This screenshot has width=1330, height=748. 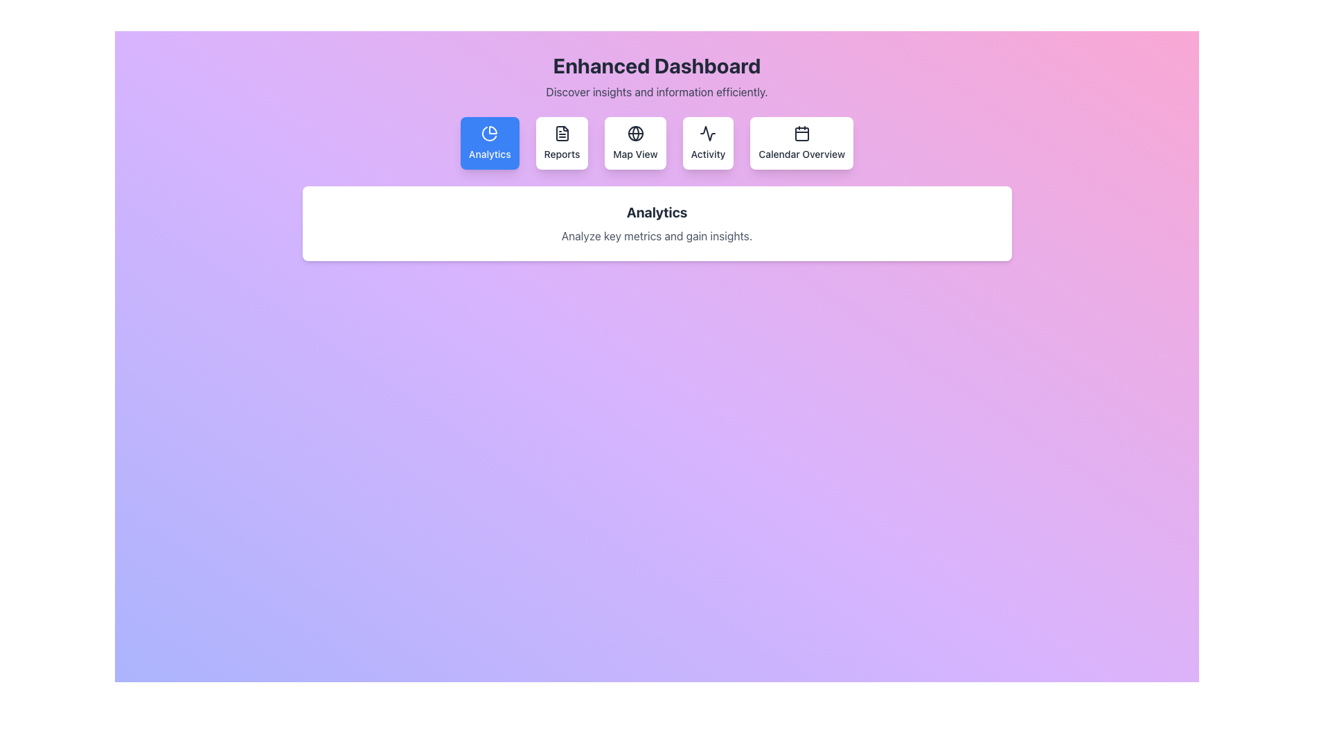 What do you see at coordinates (562, 143) in the screenshot?
I see `the 'Reports' button, which is a rounded rectangular button with a white background, gray text, and an icon of a document above the text, positioned between the 'Analytics' and 'Map View' buttons` at bounding box center [562, 143].